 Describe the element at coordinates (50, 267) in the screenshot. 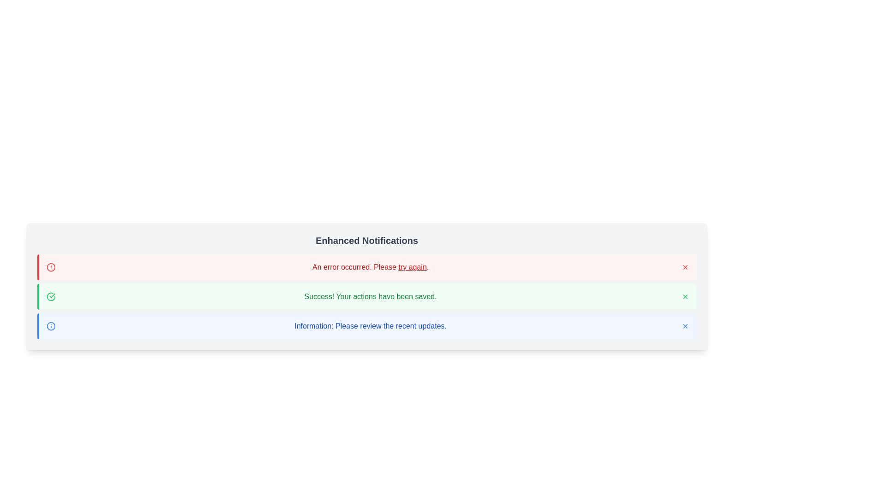

I see `the circular SVG icon that symbolizes an alert or error, located at the start of the error notification with a red background, next to the message 'An error occurred. Please try again.'` at that location.